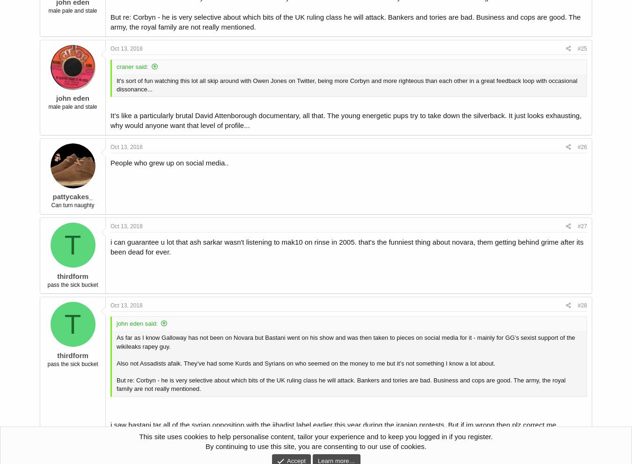 Image resolution: width=632 pixels, height=464 pixels. Describe the element at coordinates (346, 84) in the screenshot. I see `'It's sort of fun watching this lot all skip around with Owen Jones on Twitter, being more Corbyn and more righteous than each other in a great feedback loop with occasional dissonance...'` at that location.